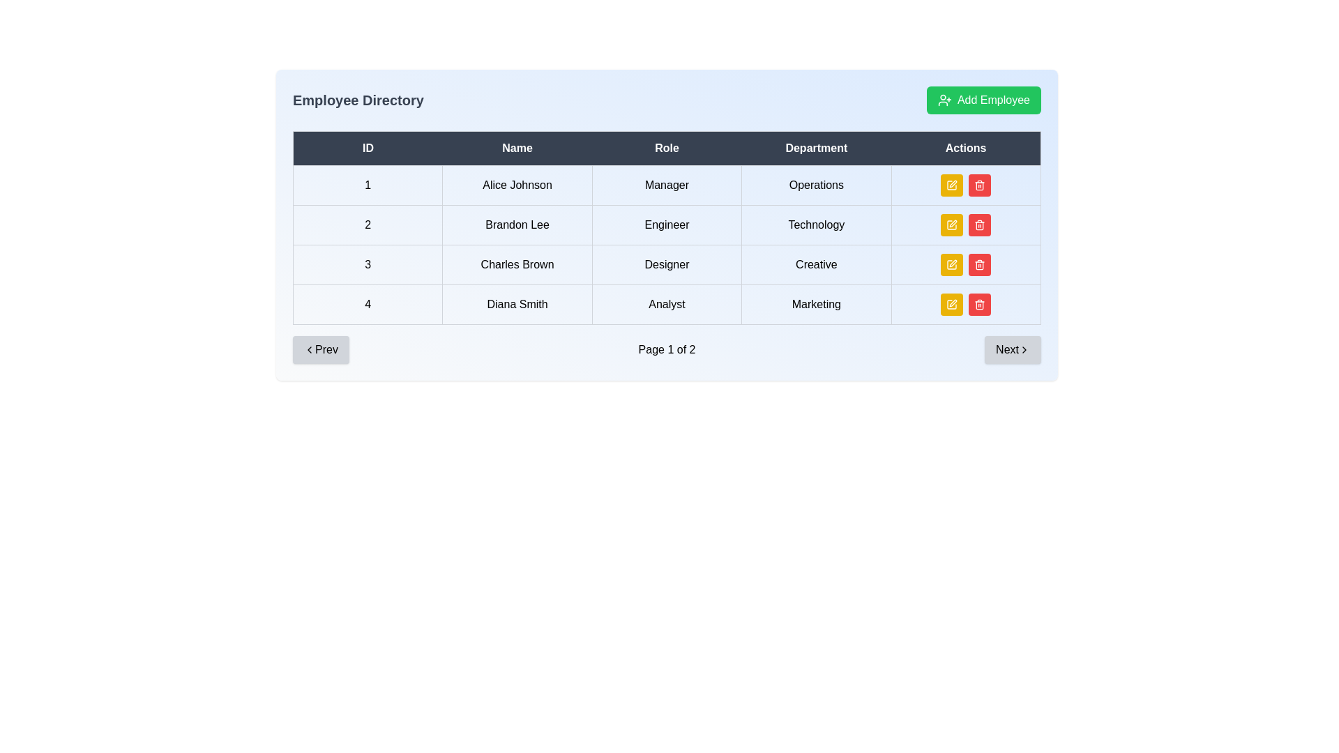 The height and width of the screenshot is (753, 1339). I want to click on the static text display field labeled 'Designer' in the 'Role' column for 'Charles Brown' located in the third row of the table, so click(666, 265).